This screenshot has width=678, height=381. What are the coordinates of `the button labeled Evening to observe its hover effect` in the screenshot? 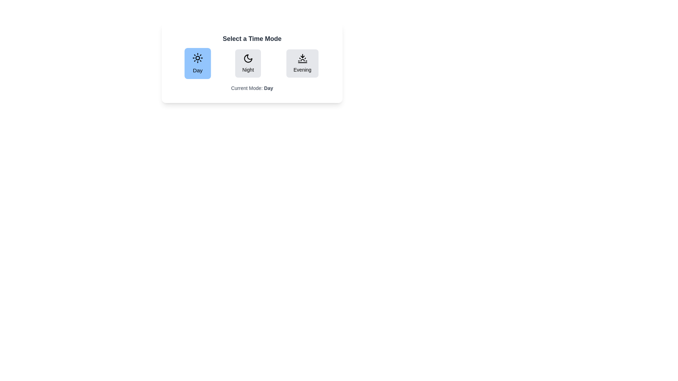 It's located at (302, 64).